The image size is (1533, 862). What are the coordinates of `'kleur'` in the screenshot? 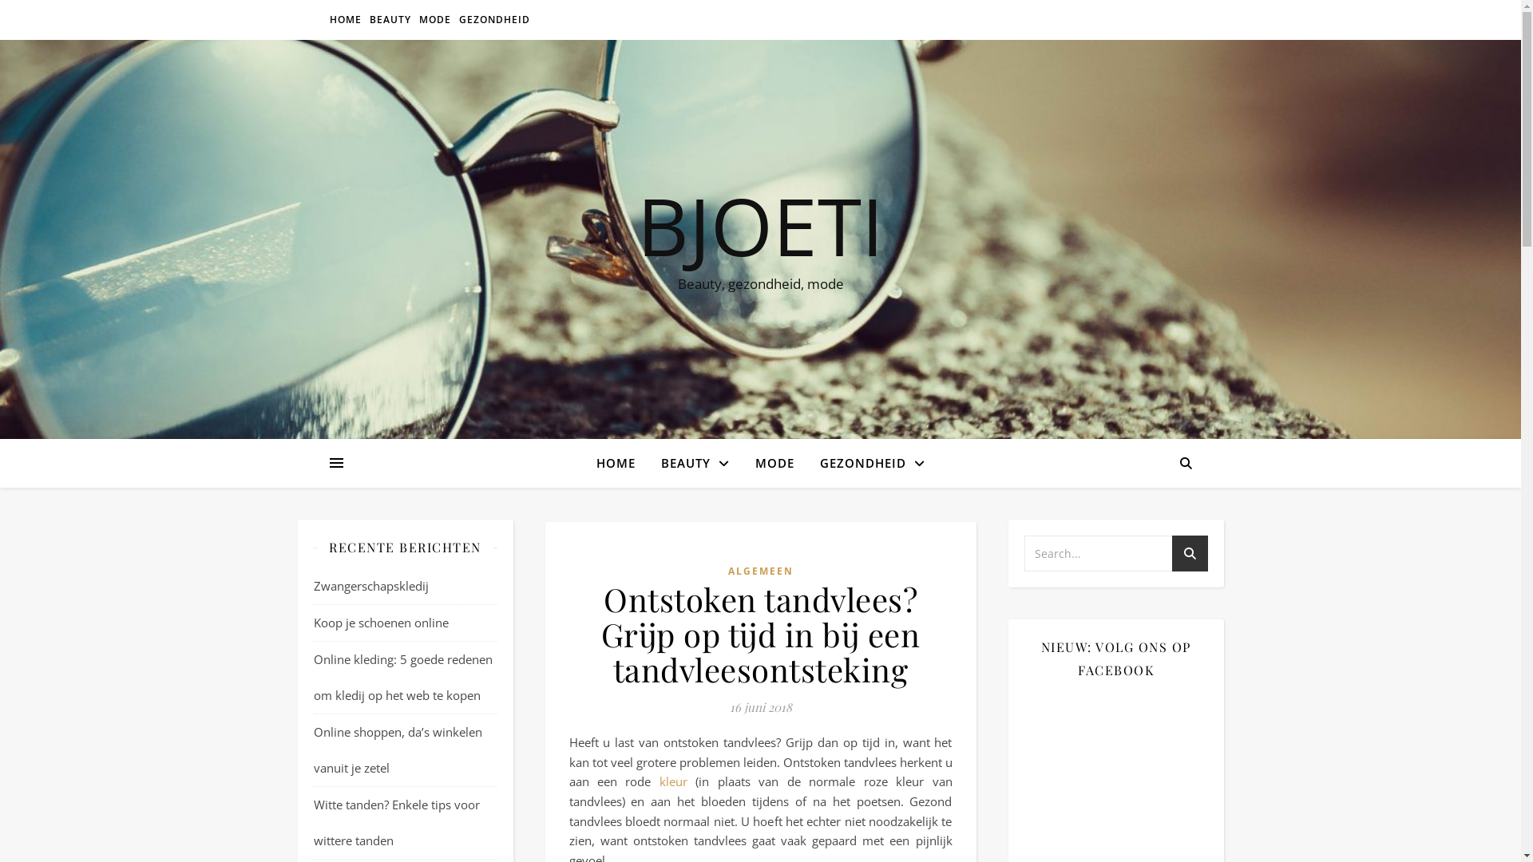 It's located at (659, 781).